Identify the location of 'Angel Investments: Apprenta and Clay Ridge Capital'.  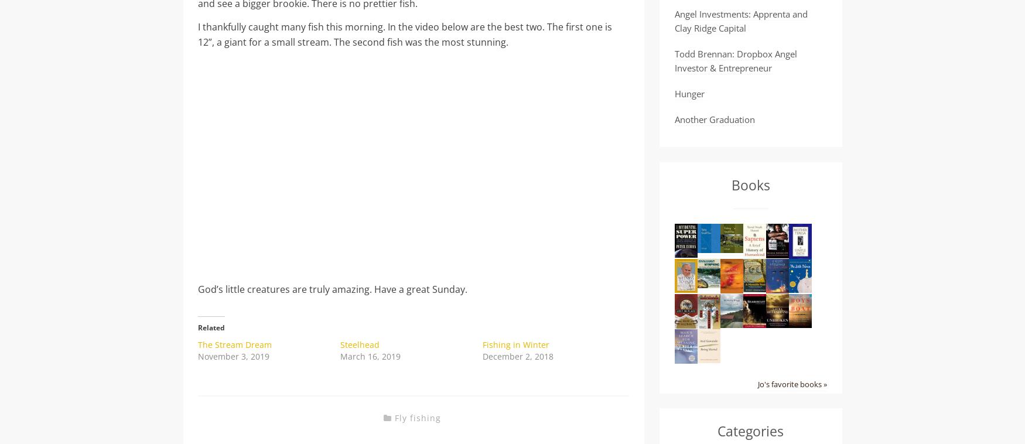
(740, 20).